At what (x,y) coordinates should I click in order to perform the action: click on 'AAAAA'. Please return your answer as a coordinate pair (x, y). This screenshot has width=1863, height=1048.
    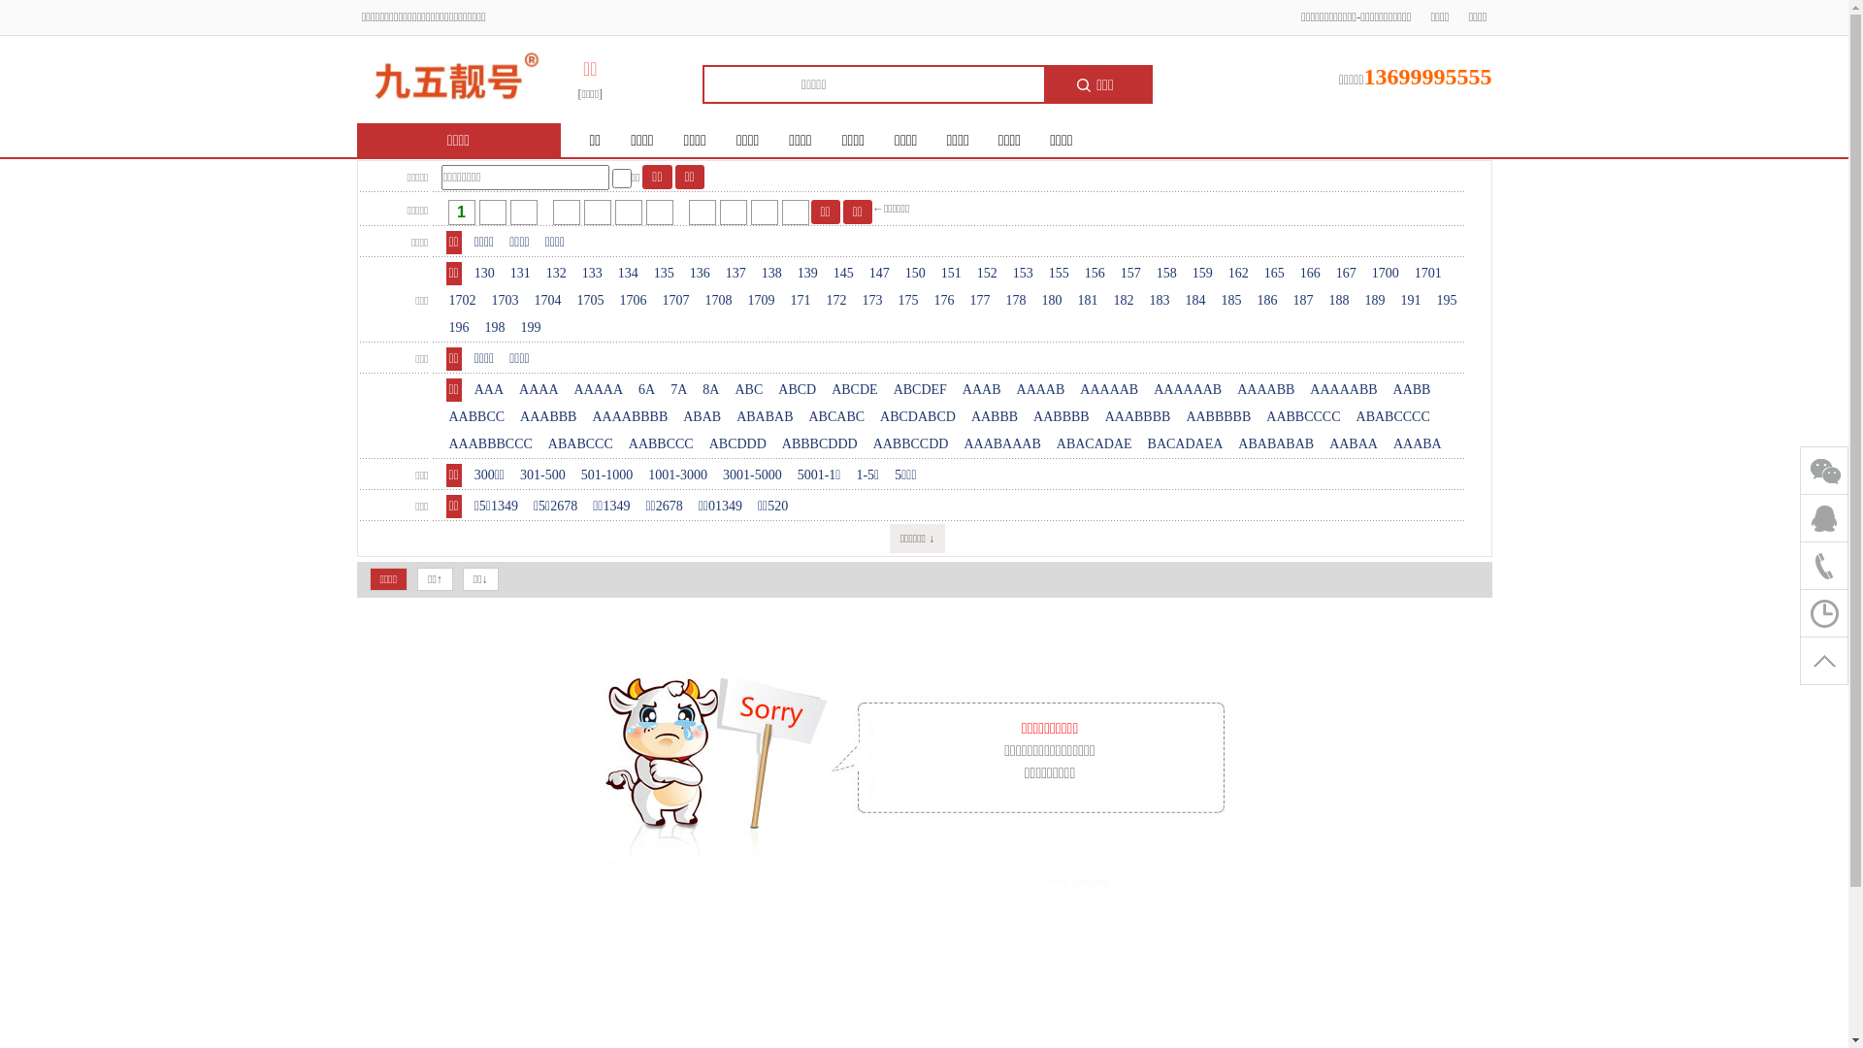
    Looking at the image, I should click on (598, 389).